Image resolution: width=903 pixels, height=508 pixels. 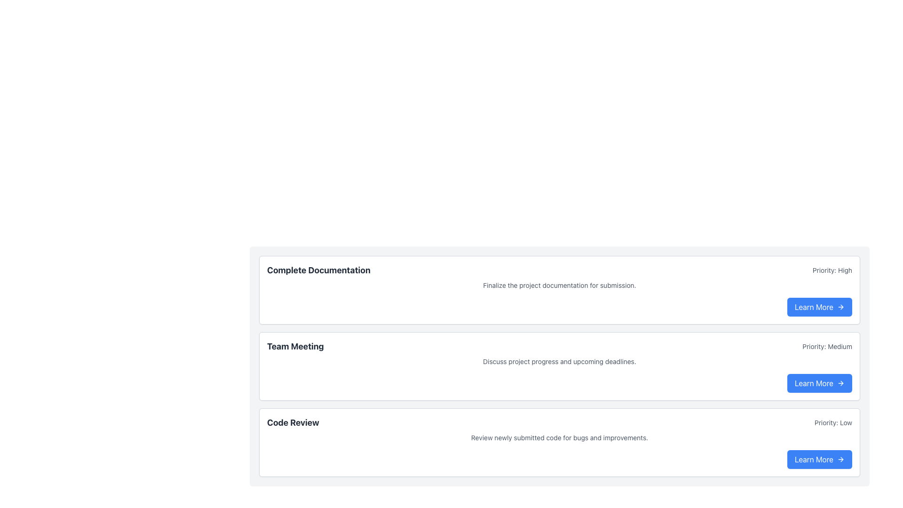 I want to click on the 'Learn More' text label, which is located in the bottom right corner of the 'Code Review' section, to interact with it, so click(x=813, y=459).